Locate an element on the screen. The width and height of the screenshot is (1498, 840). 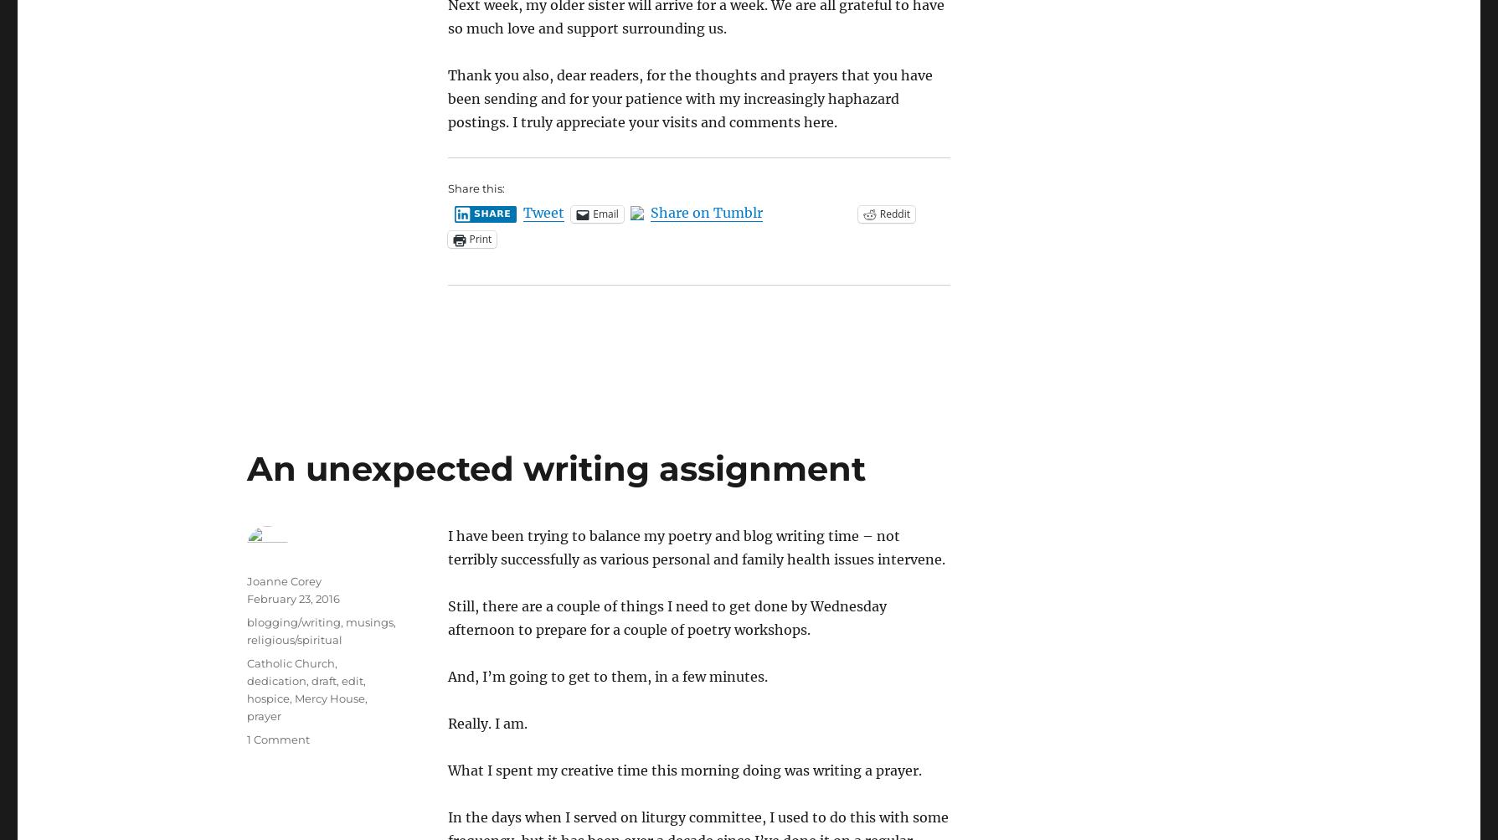
'Share this:' is located at coordinates (475, 187).